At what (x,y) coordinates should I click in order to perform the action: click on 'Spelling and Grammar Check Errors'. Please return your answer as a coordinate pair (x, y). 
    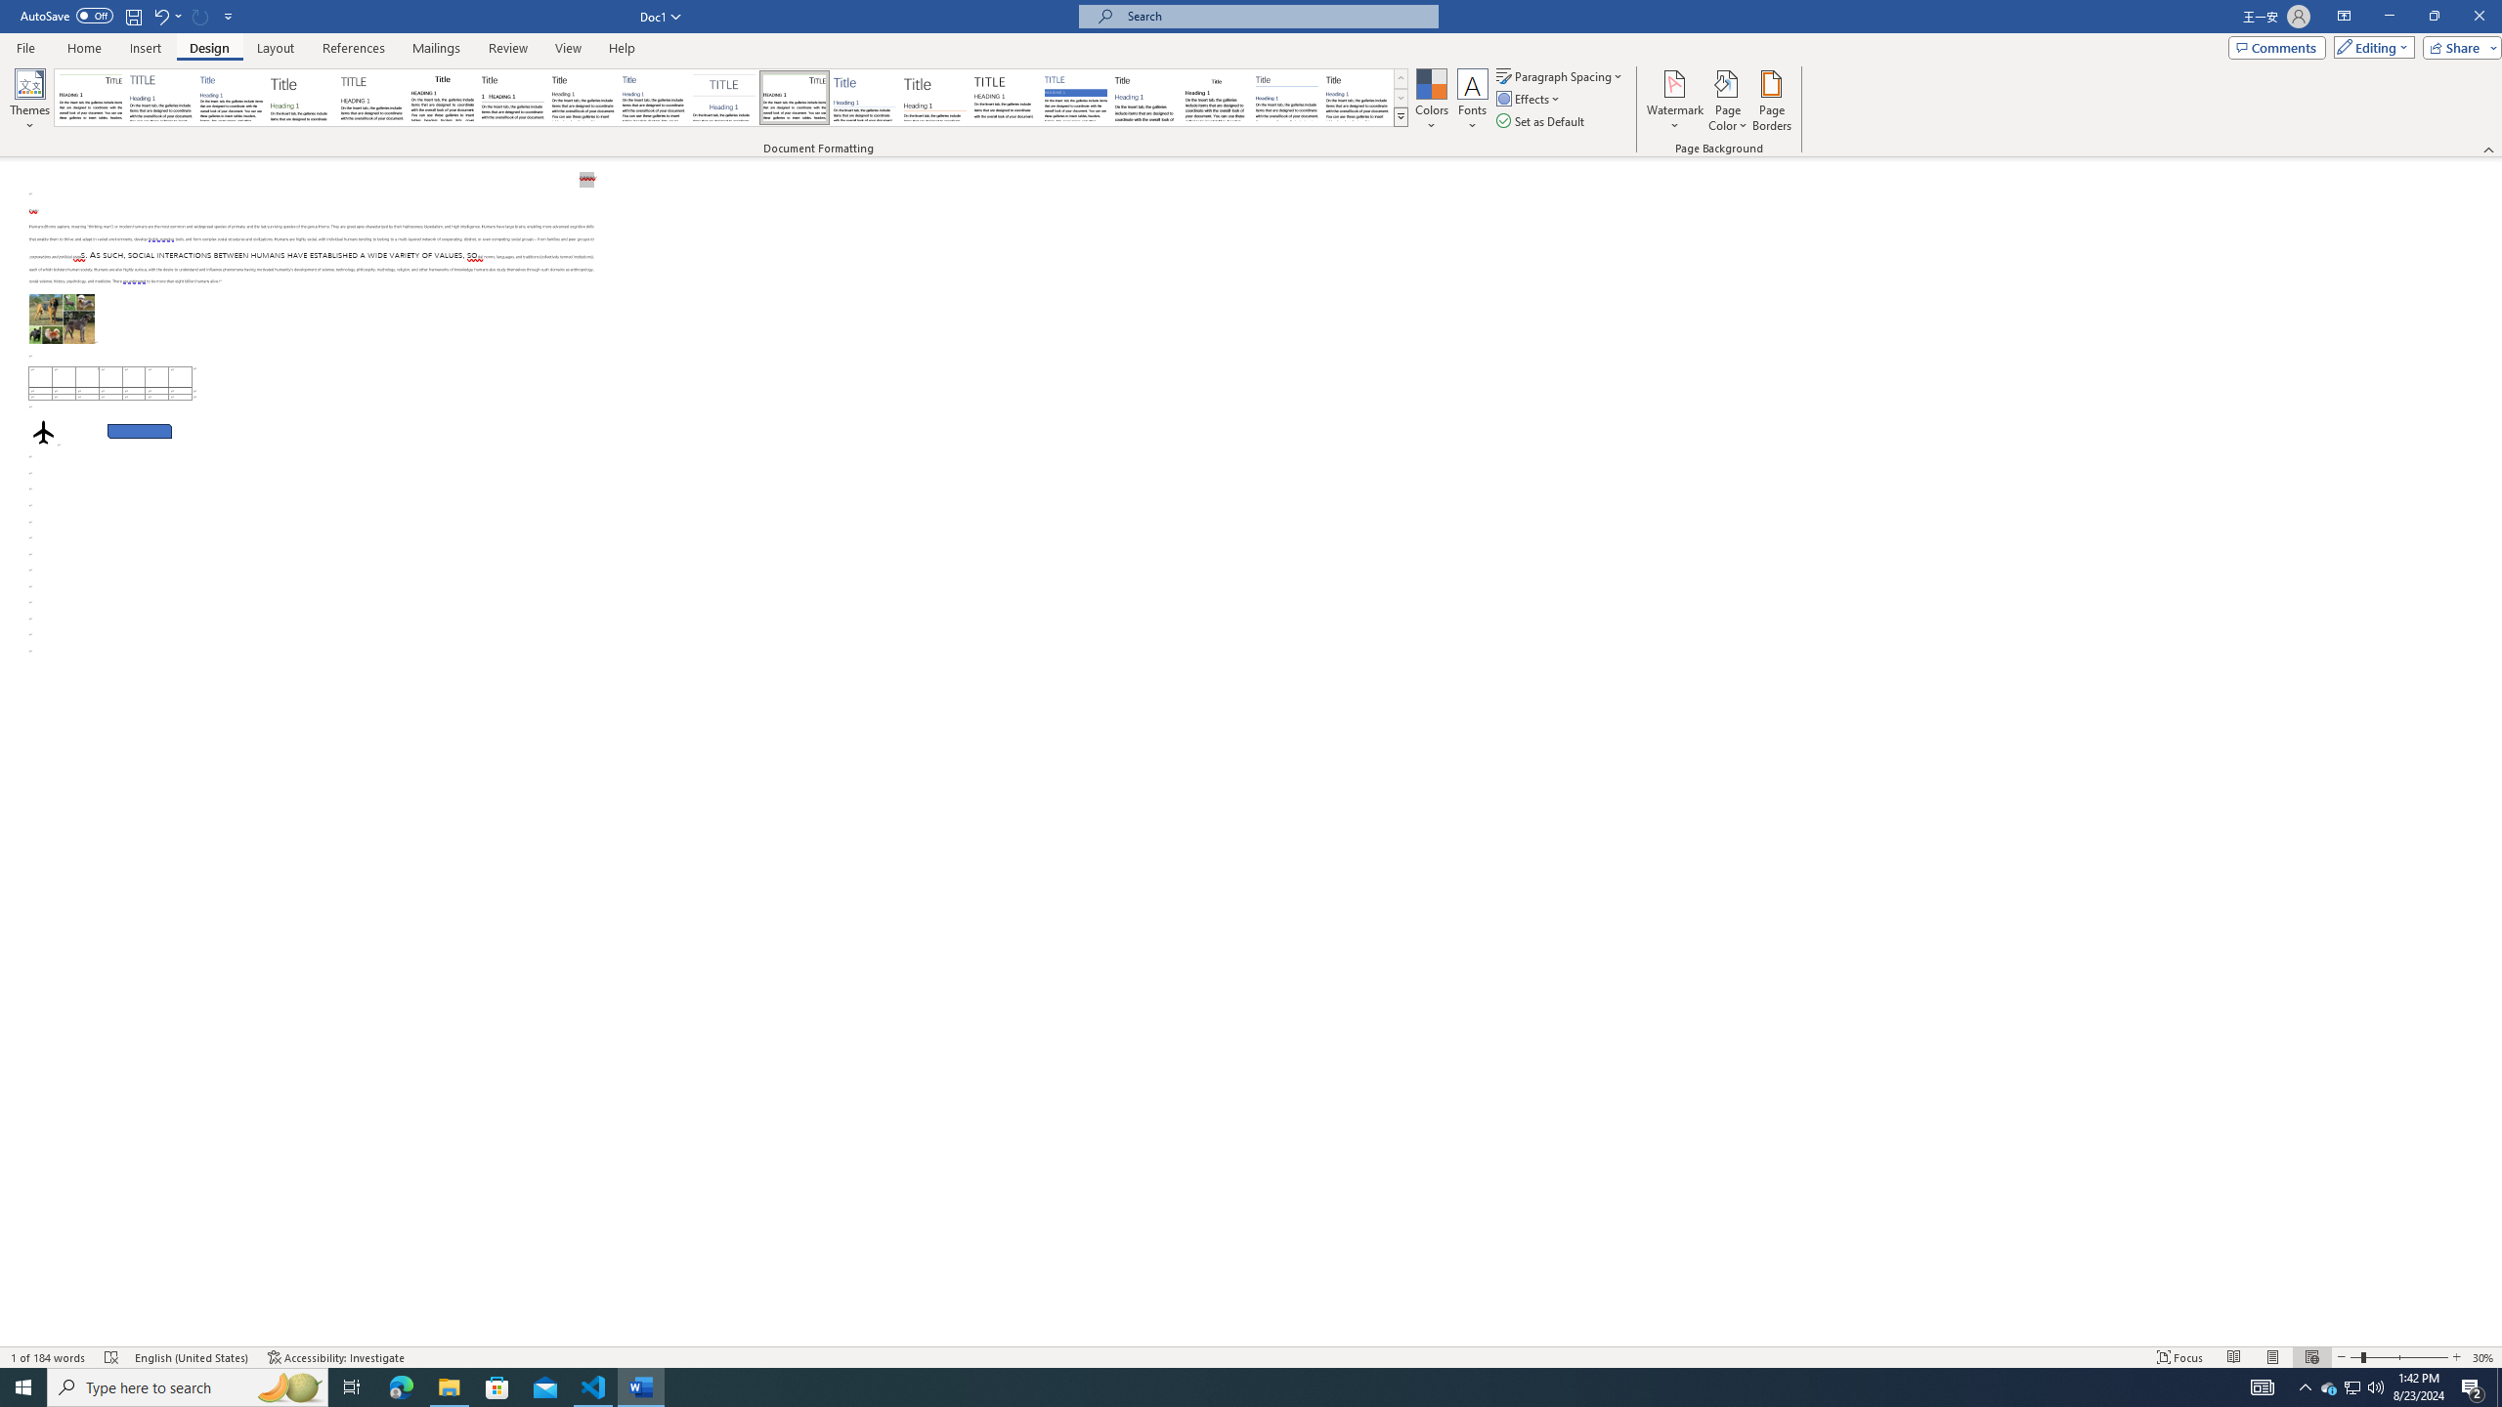
    Looking at the image, I should click on (111, 1357).